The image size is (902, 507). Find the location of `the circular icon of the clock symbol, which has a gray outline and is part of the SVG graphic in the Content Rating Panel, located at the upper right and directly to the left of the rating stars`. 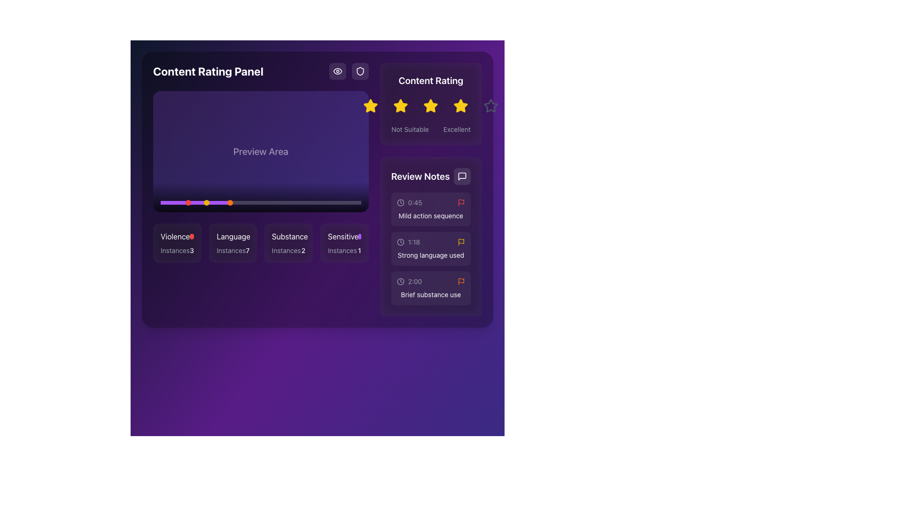

the circular icon of the clock symbol, which has a gray outline and is part of the SVG graphic in the Content Rating Panel, located at the upper right and directly to the left of the rating stars is located at coordinates (400, 242).